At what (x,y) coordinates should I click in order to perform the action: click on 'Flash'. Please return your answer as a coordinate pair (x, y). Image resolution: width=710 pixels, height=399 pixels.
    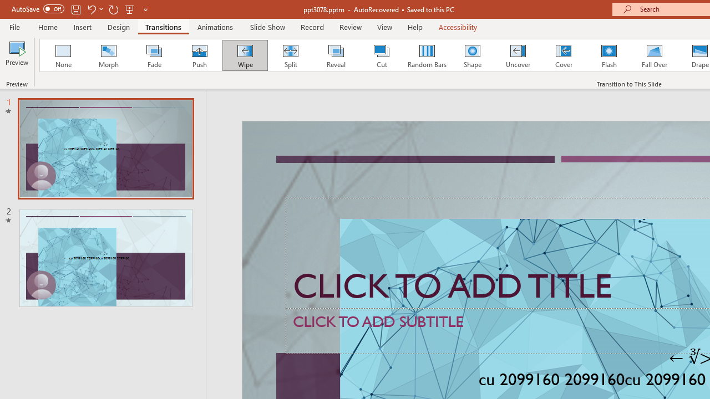
    Looking at the image, I should click on (608, 55).